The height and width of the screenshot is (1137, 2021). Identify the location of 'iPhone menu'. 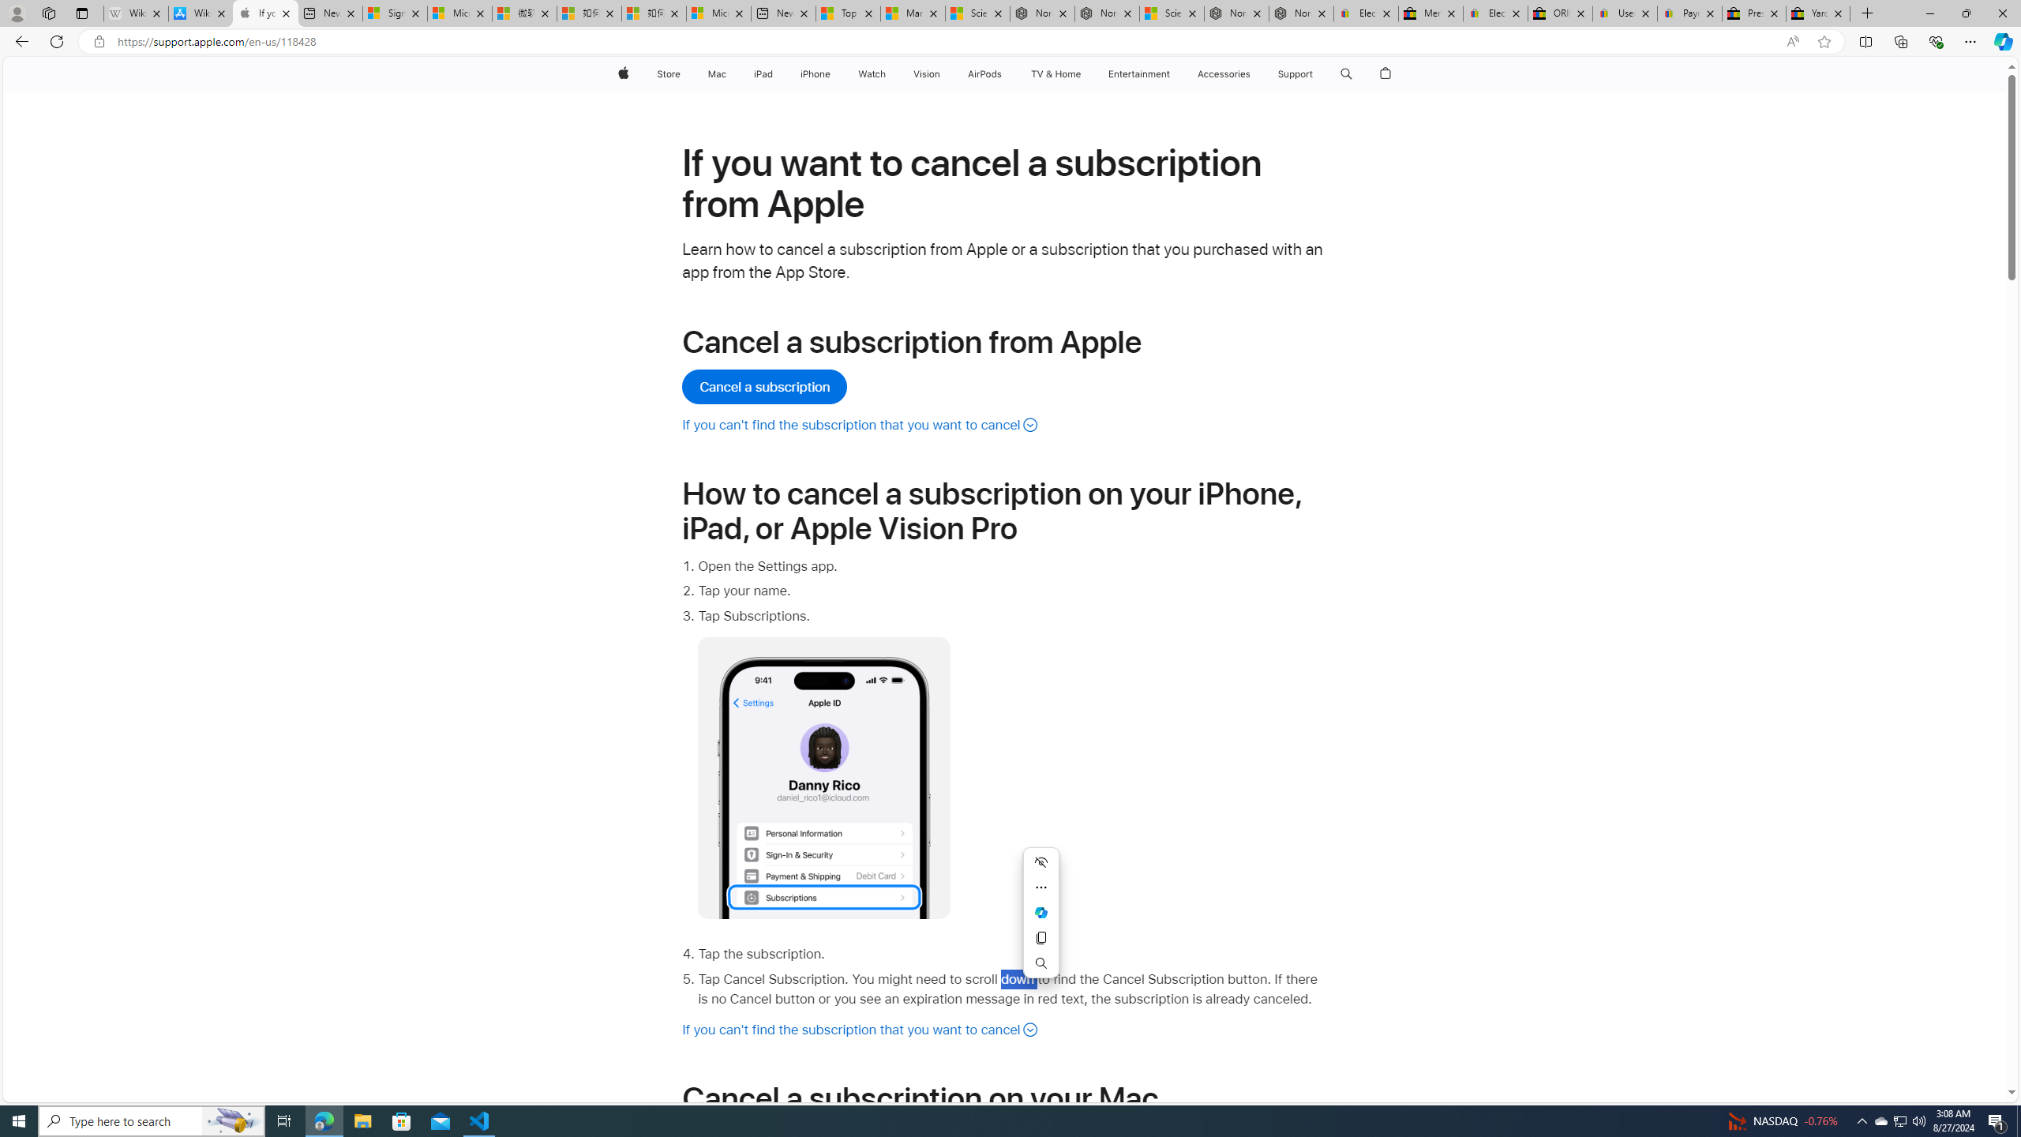
(833, 73).